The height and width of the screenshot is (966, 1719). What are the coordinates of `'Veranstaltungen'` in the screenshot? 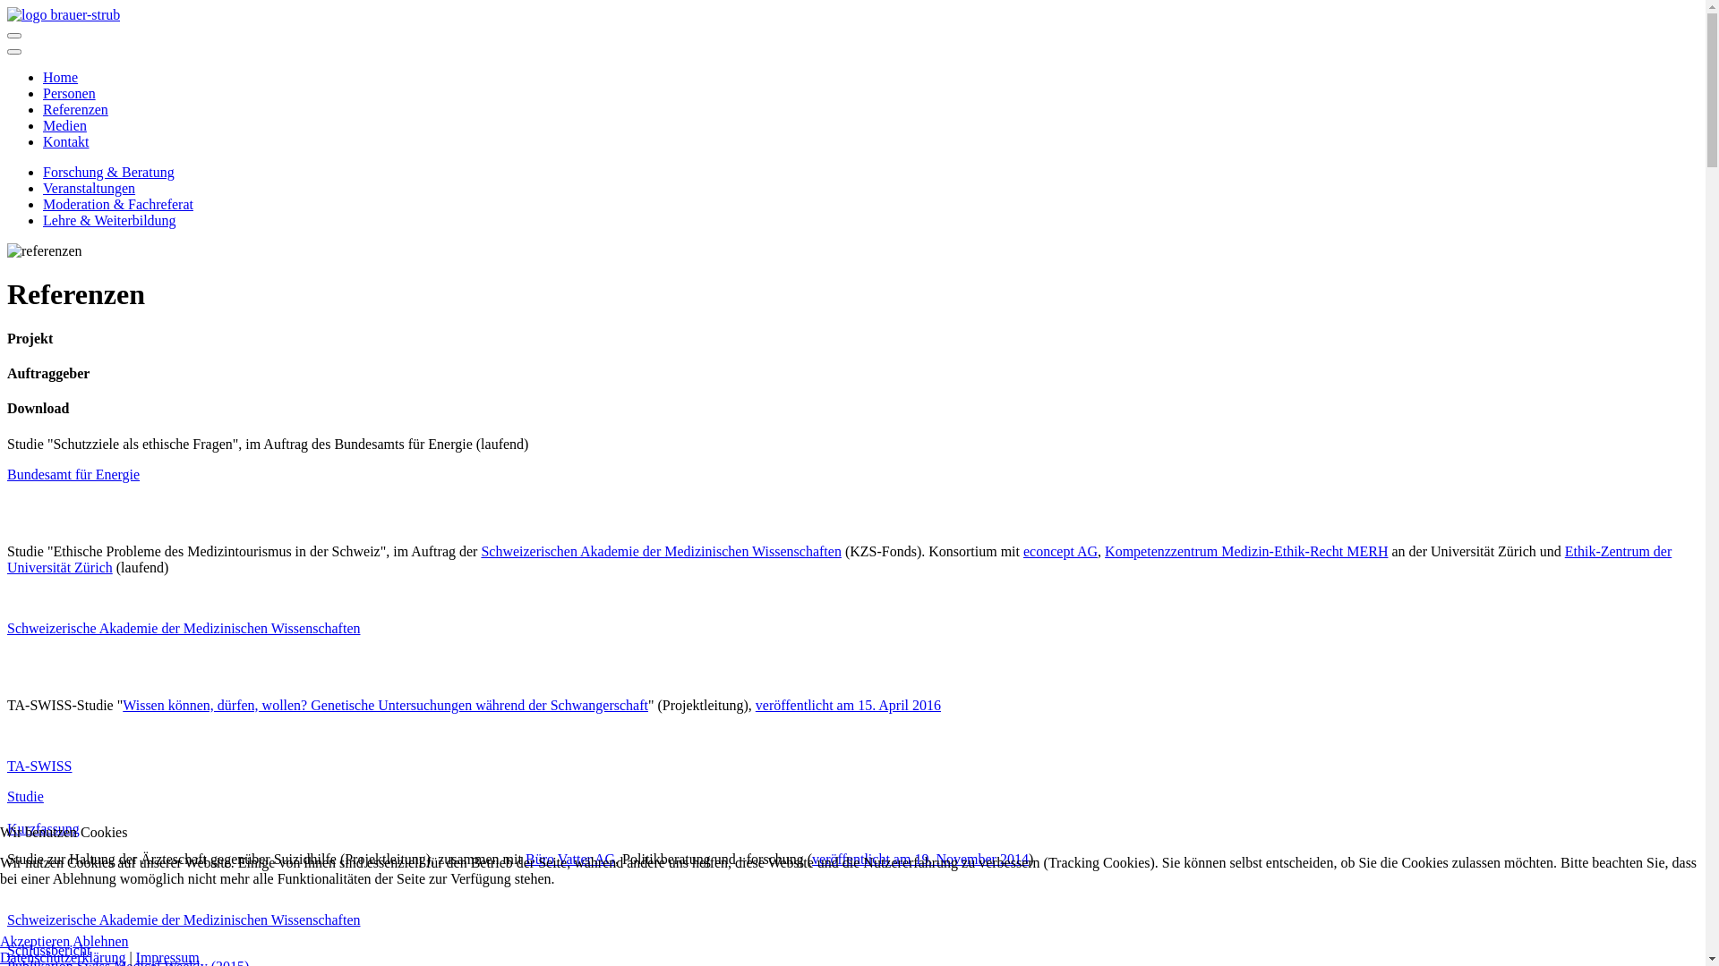 It's located at (88, 188).